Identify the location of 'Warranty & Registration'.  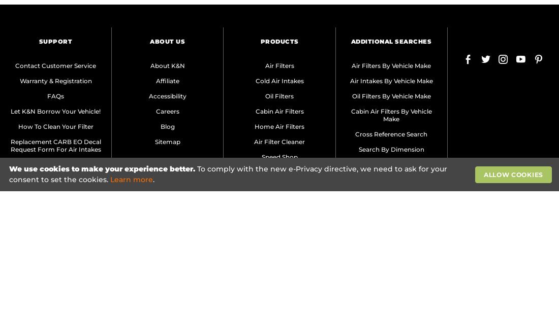
(55, 80).